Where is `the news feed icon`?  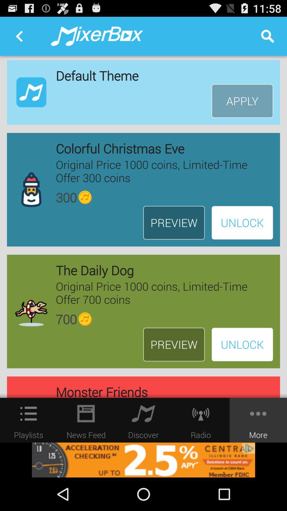
the news feed icon is located at coordinates (86, 413).